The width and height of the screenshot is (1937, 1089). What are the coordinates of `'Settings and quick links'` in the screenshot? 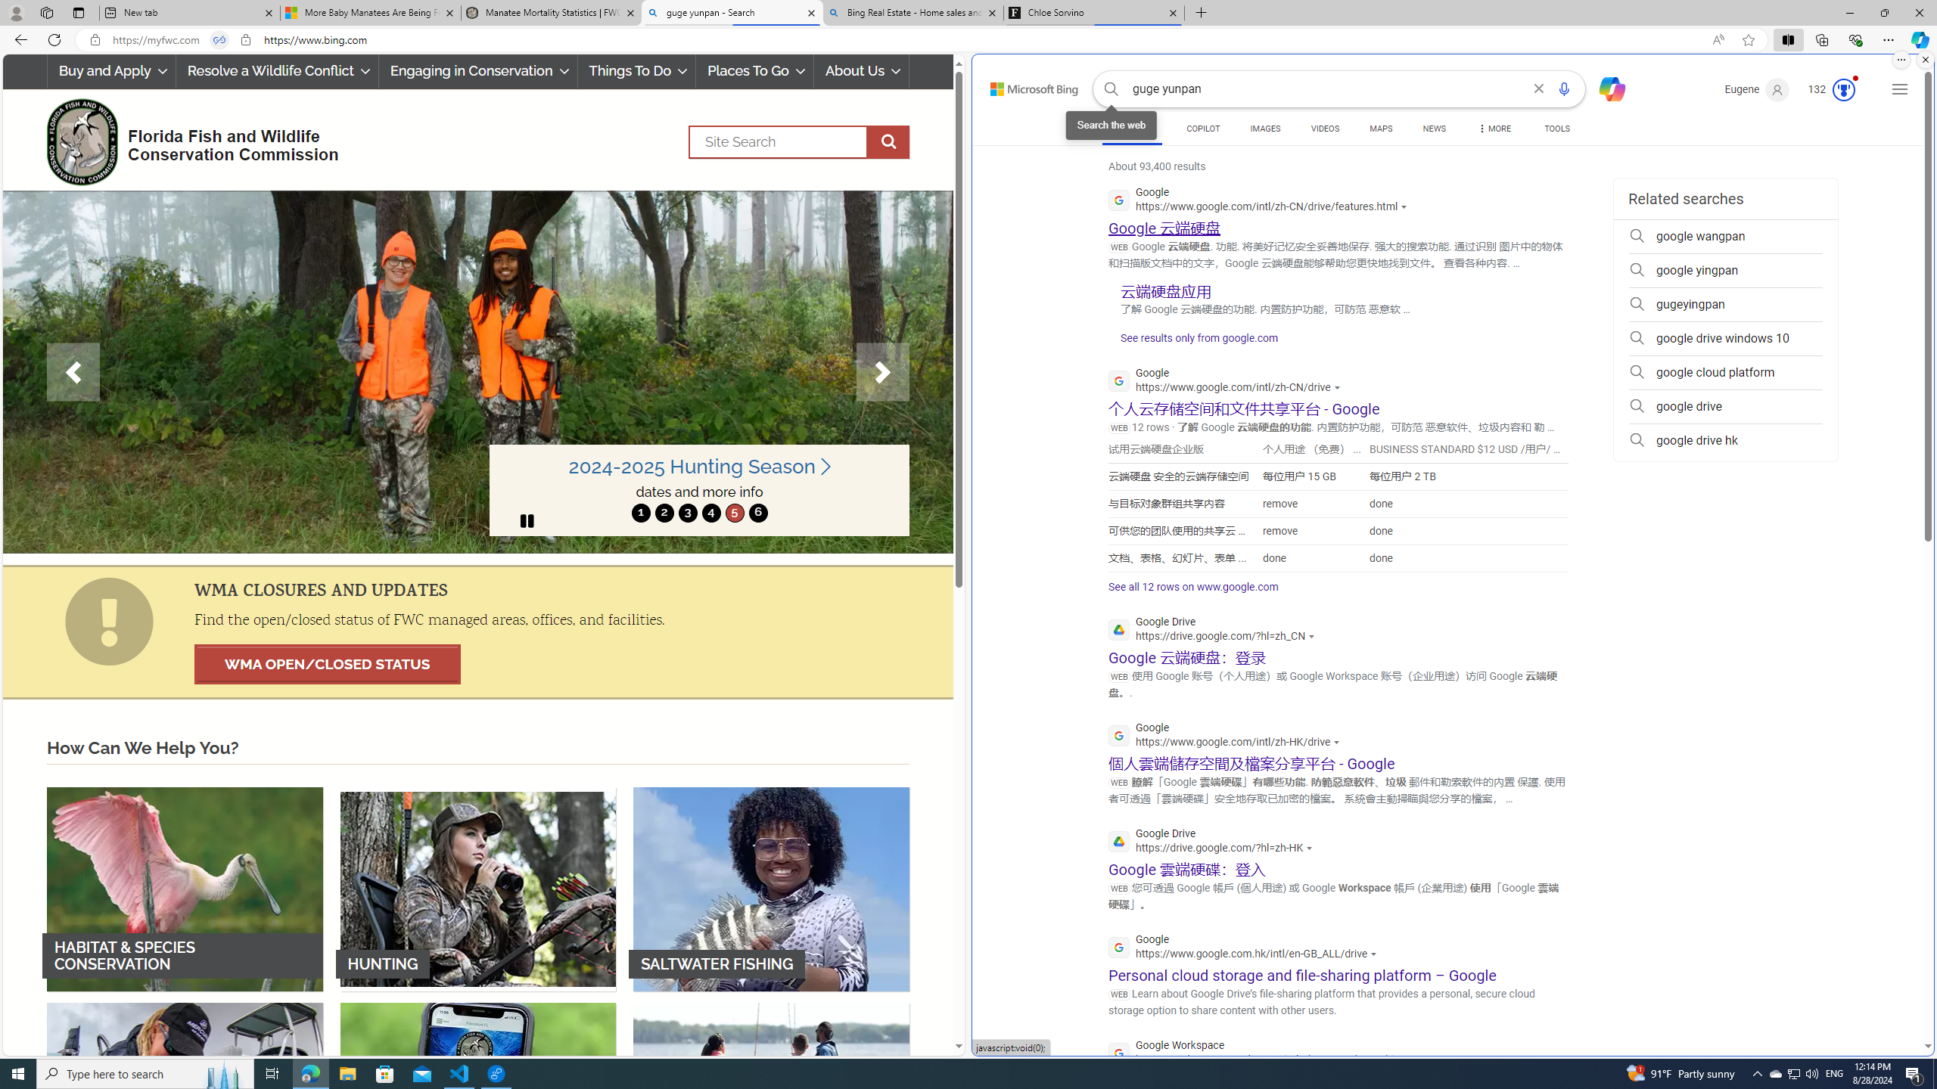 It's located at (1900, 89).